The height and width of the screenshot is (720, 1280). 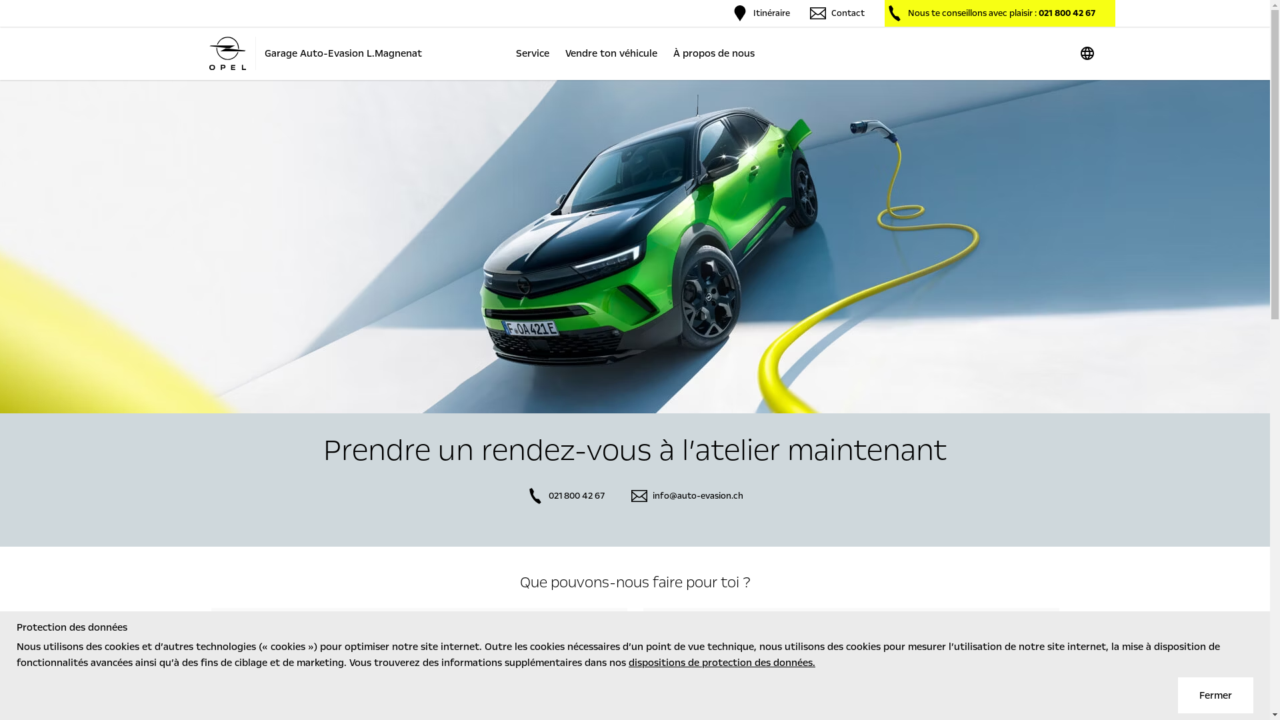 I want to click on 'Image Hero du site Opel Dealer', so click(x=634, y=247).